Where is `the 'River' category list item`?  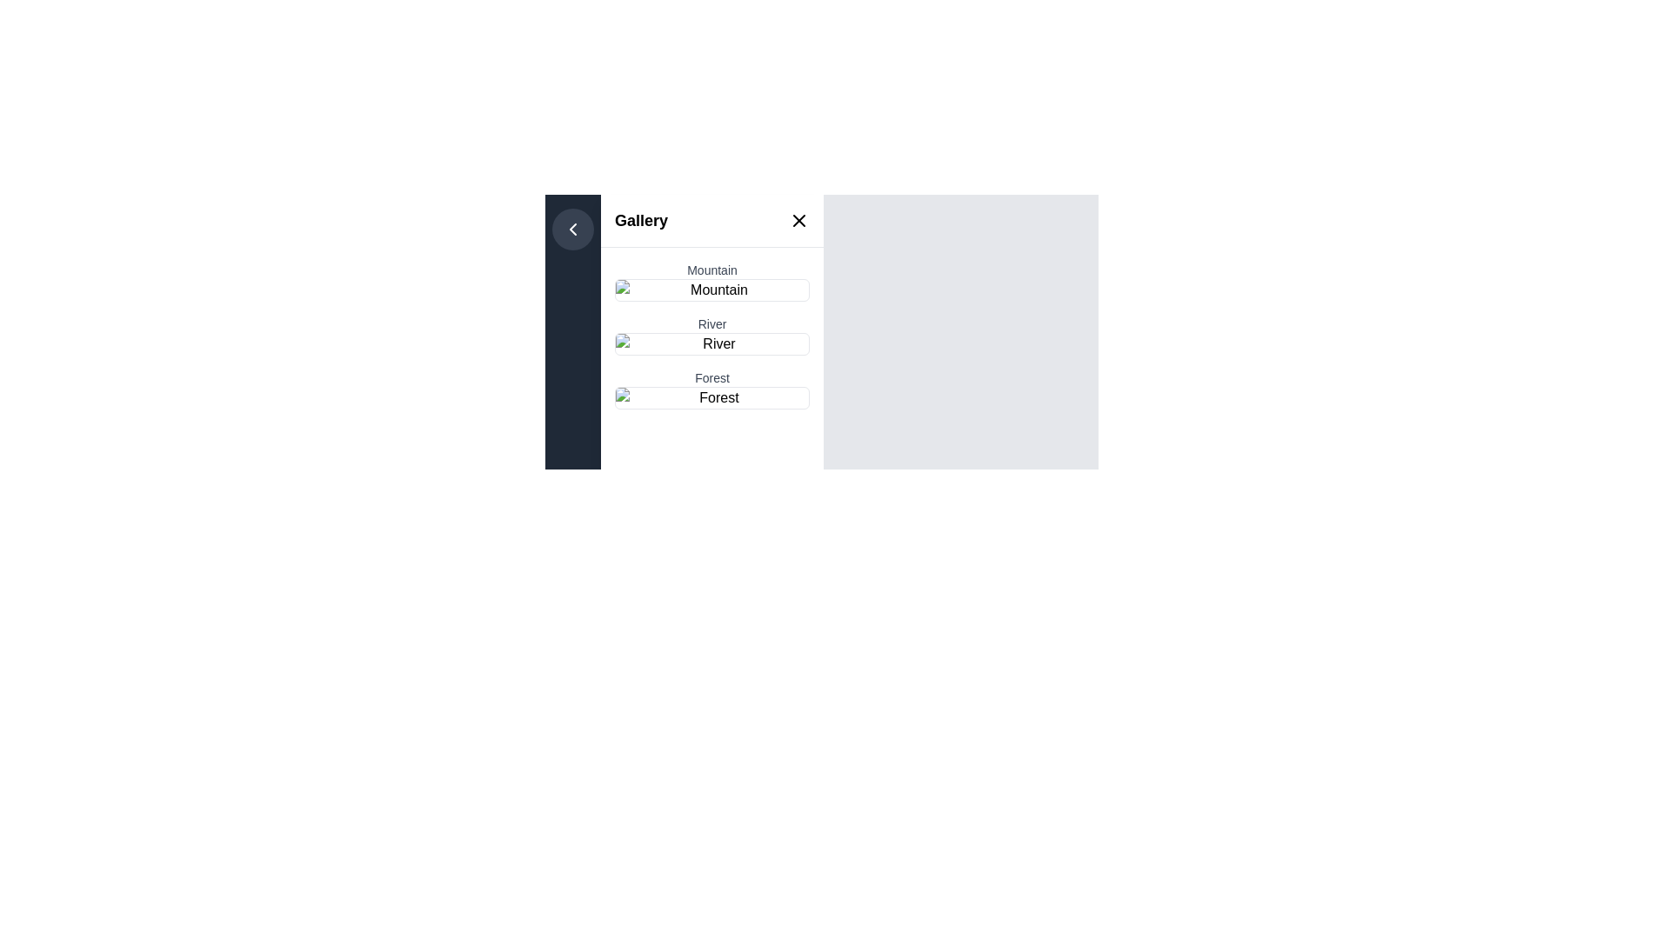
the 'River' category list item is located at coordinates (712, 344).